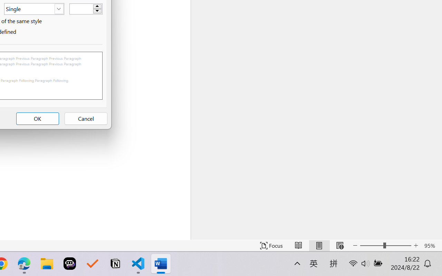  Describe the element at coordinates (70, 264) in the screenshot. I see `'Poe'` at that location.